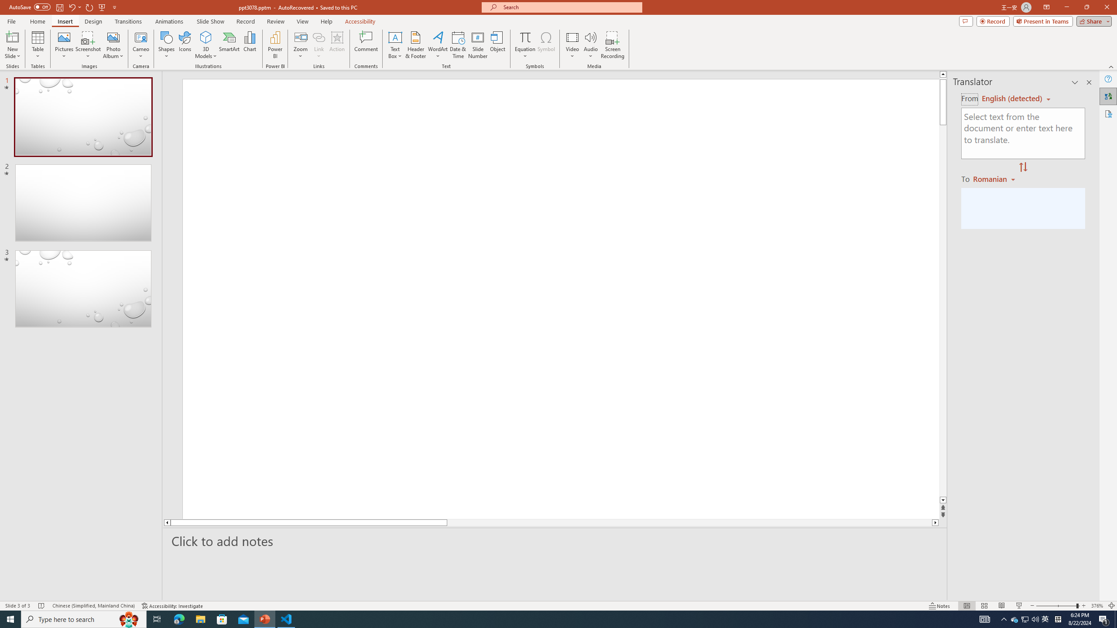 The image size is (1117, 628). I want to click on 'Chart...', so click(250, 45).